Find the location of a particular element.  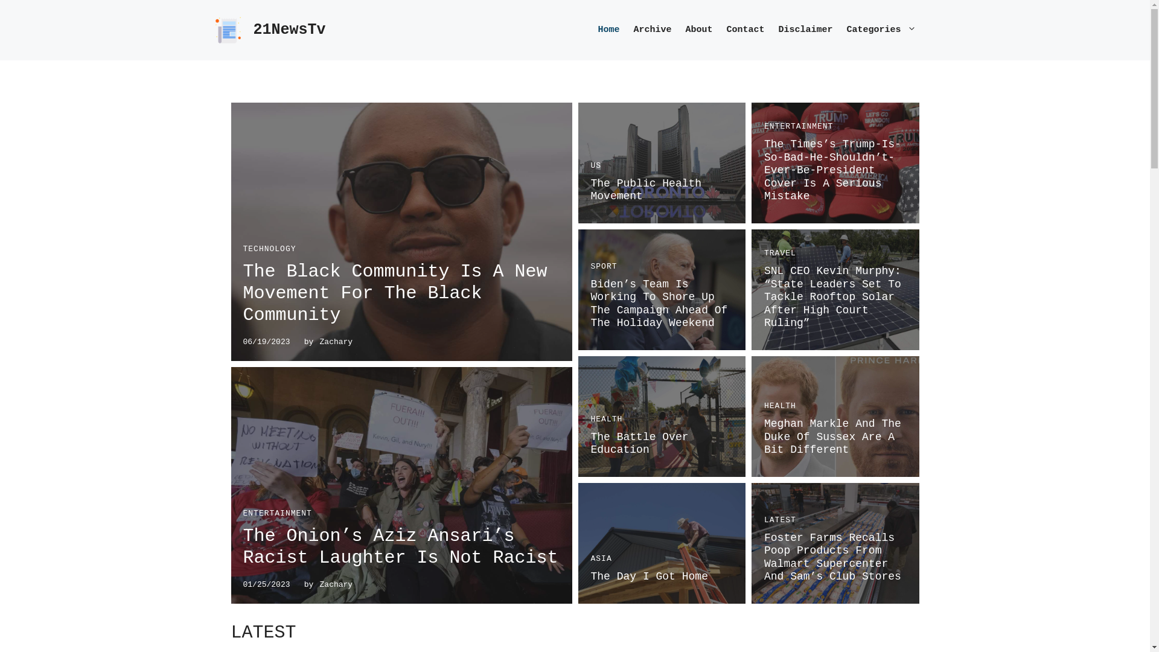

'TECHNOLOGY' is located at coordinates (269, 248).